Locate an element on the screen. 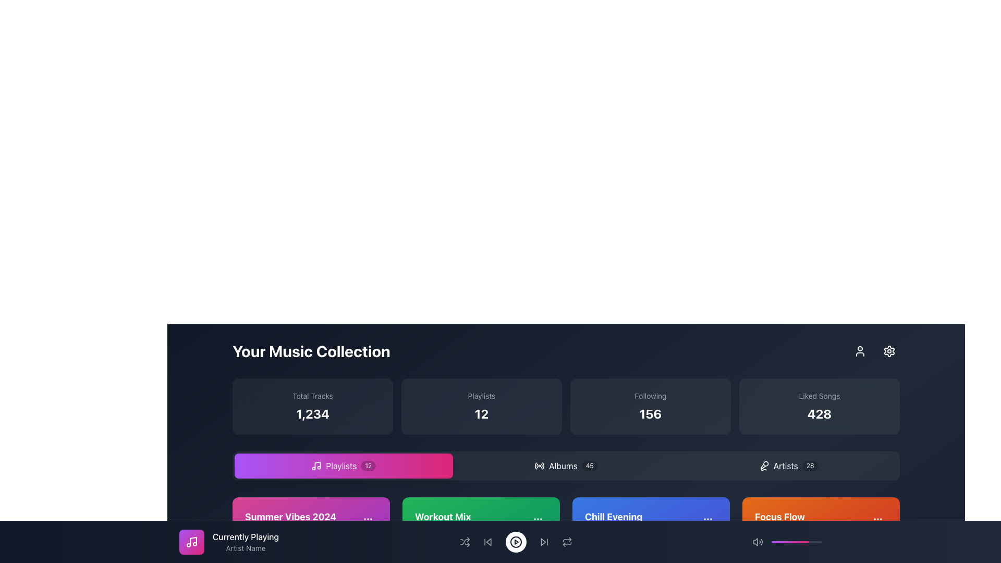  the currently playing track is located at coordinates (245, 542).